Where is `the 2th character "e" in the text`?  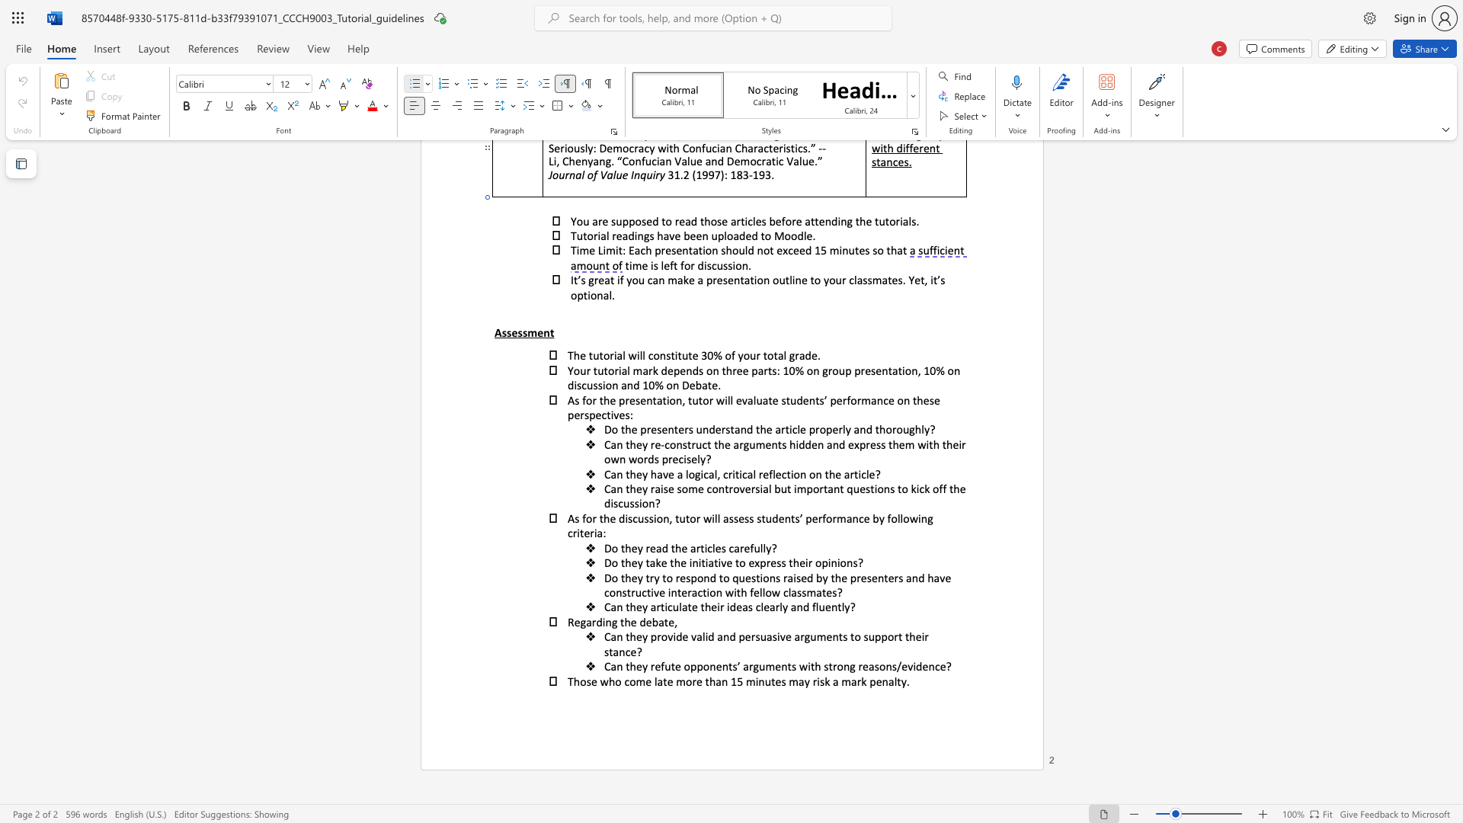
the 2th character "e" in the text is located at coordinates (694, 606).